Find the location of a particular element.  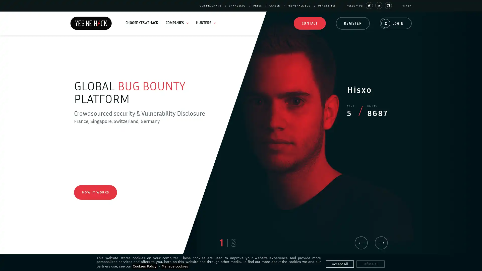

Accept all is located at coordinates (340, 264).